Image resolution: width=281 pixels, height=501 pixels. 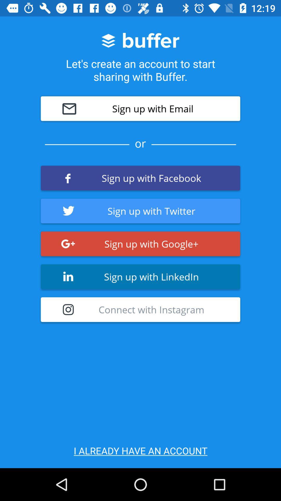 What do you see at coordinates (140, 309) in the screenshot?
I see `the item above the i already have item` at bounding box center [140, 309].